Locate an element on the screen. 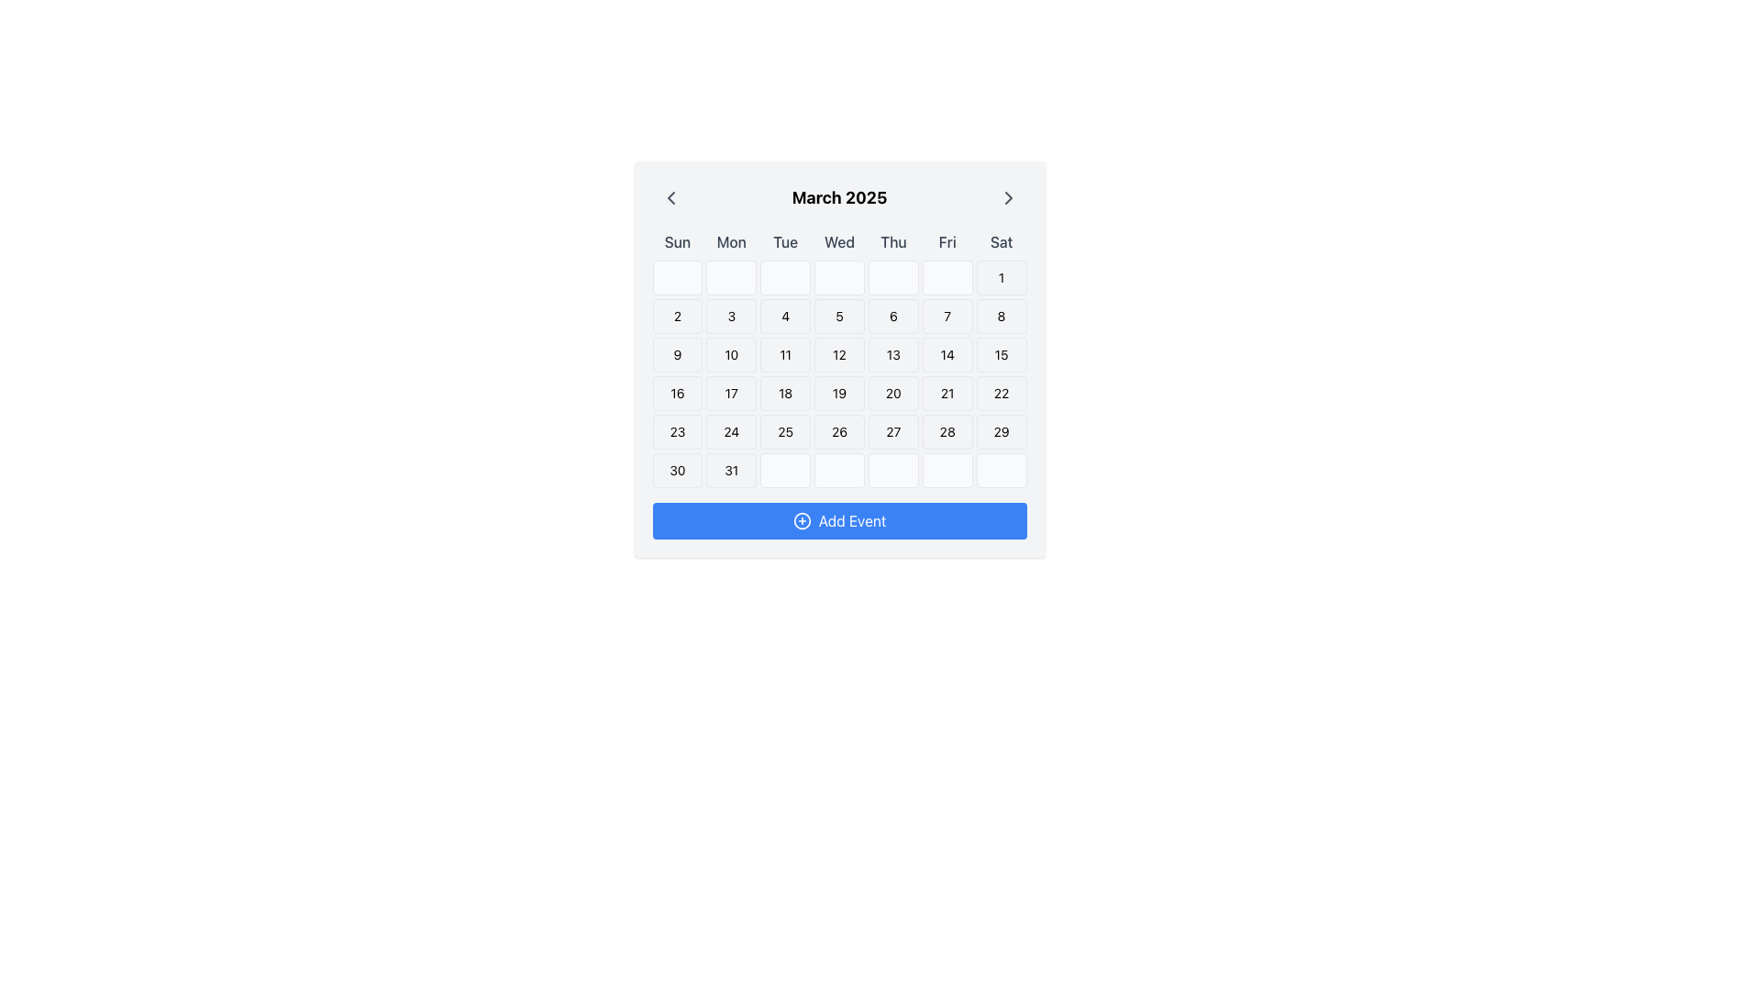 The width and height of the screenshot is (1761, 991). the button-like element in the first row and fifth column of the calendar layout for March 2025, which has a light gray background and rounded corners is located at coordinates (893, 278).